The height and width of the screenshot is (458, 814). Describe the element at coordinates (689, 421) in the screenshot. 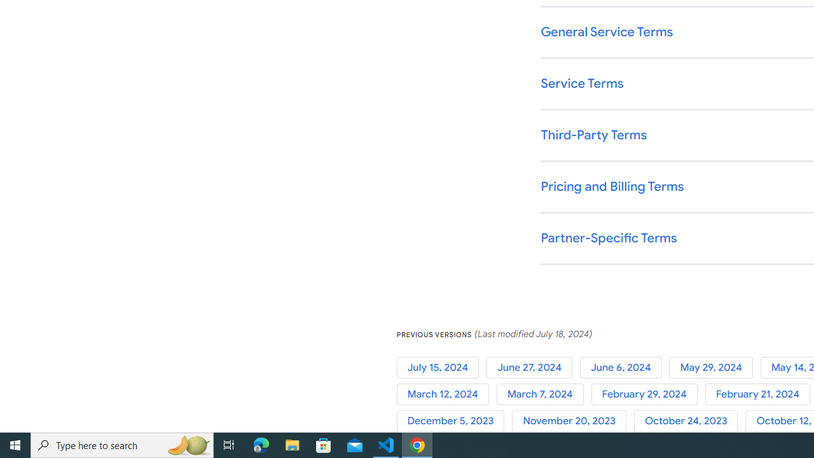

I see `'October 24, 2023'` at that location.